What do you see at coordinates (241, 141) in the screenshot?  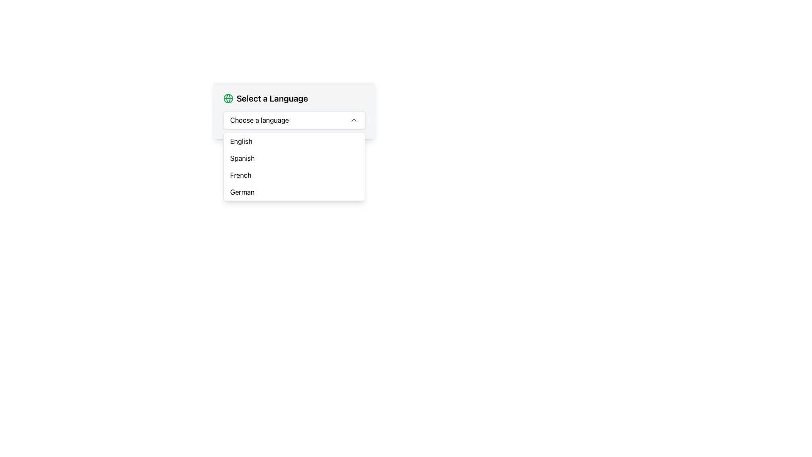 I see `the first language option in the dropdown list labeled 'Choose a language'` at bounding box center [241, 141].